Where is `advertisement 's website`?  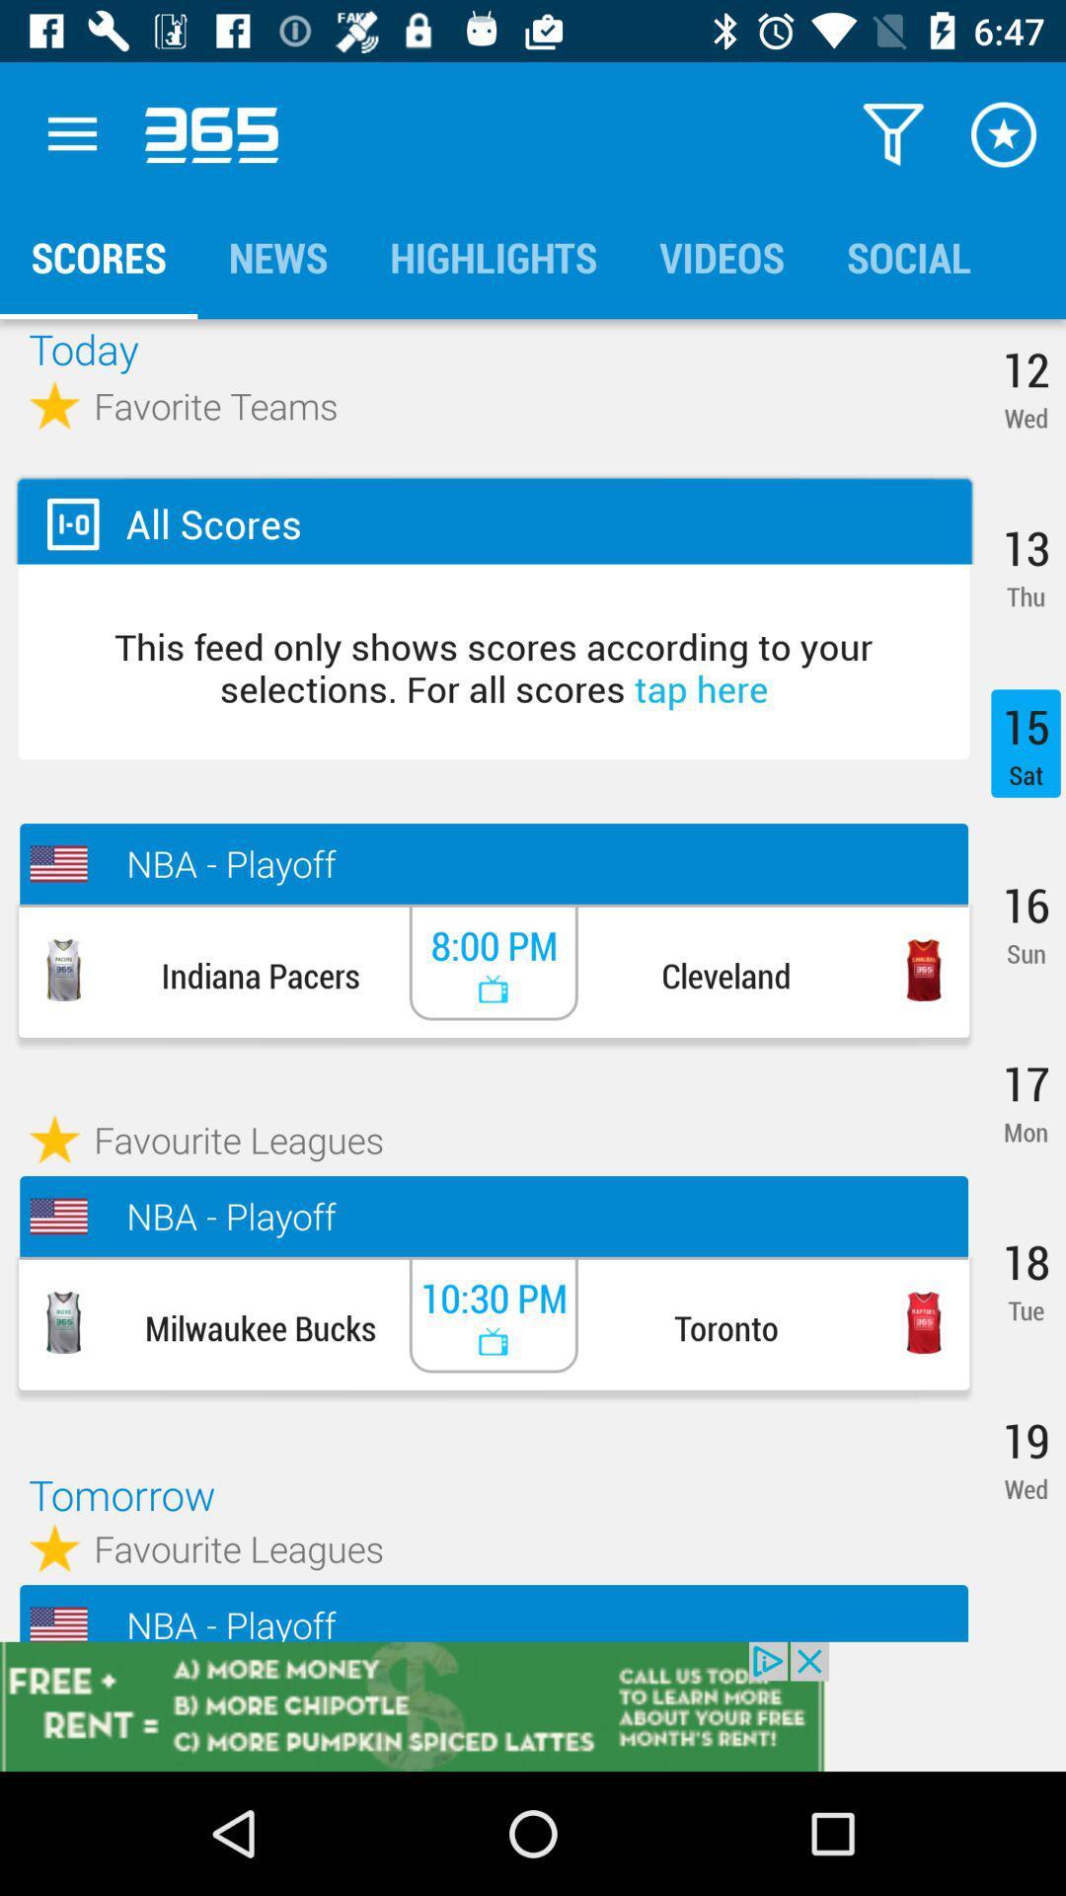 advertisement 's website is located at coordinates (533, 1705).